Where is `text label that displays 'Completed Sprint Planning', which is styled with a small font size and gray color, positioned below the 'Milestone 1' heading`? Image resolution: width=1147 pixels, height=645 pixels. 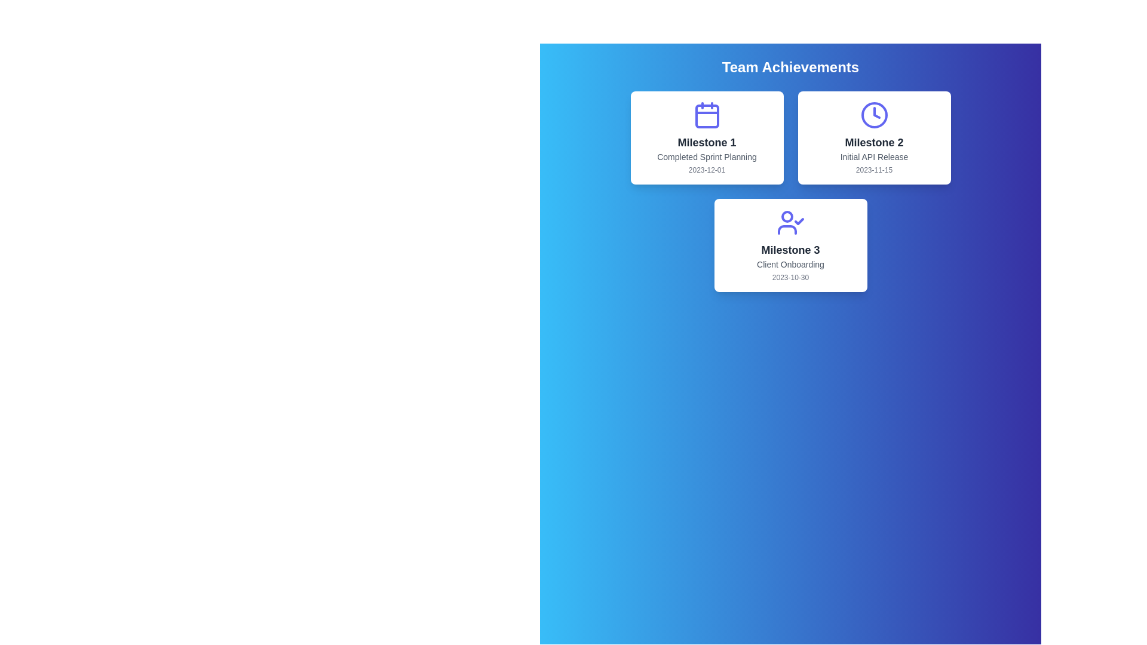
text label that displays 'Completed Sprint Planning', which is styled with a small font size and gray color, positioned below the 'Milestone 1' heading is located at coordinates (707, 156).